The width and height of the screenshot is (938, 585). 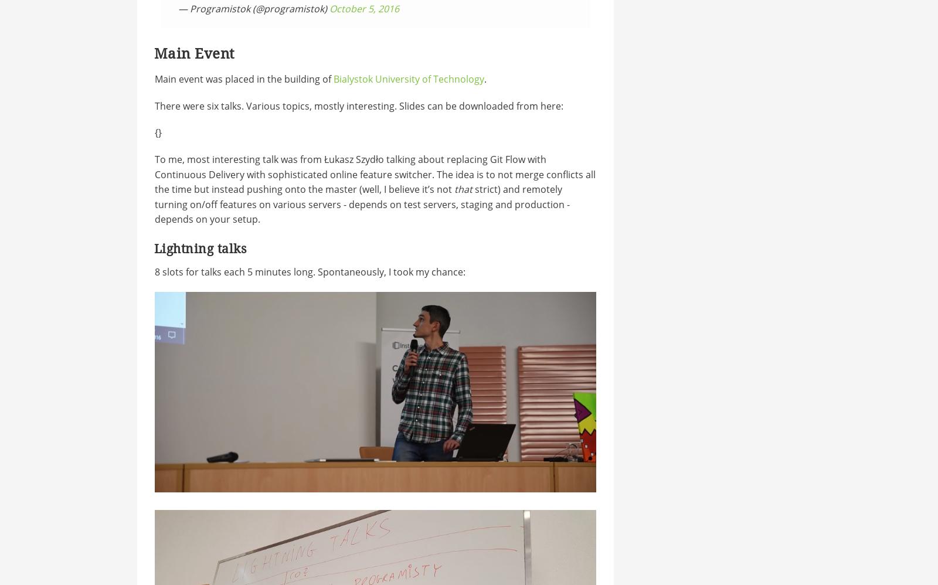 I want to click on '{', so click(x=154, y=132).